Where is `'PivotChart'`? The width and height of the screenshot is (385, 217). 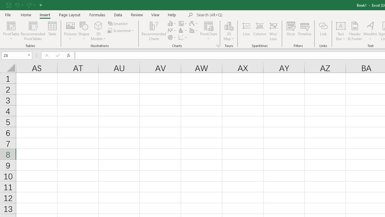
'PivotChart' is located at coordinates (208, 31).